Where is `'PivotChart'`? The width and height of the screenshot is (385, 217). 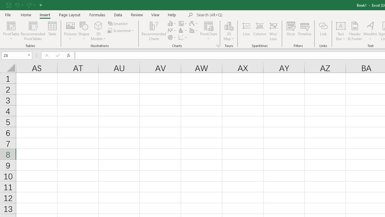
'PivotChart' is located at coordinates (208, 31).